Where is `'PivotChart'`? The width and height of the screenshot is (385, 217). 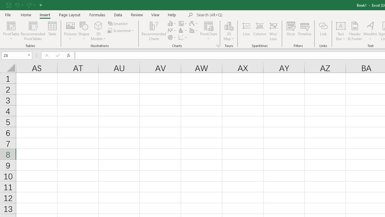
'PivotChart' is located at coordinates (208, 31).